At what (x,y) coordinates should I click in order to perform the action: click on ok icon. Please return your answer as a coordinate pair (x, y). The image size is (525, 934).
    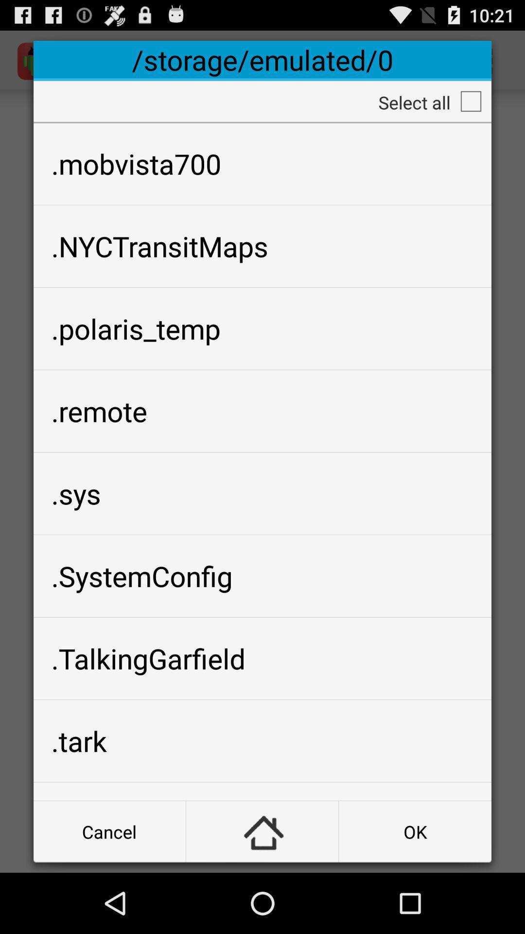
    Looking at the image, I should click on (415, 831).